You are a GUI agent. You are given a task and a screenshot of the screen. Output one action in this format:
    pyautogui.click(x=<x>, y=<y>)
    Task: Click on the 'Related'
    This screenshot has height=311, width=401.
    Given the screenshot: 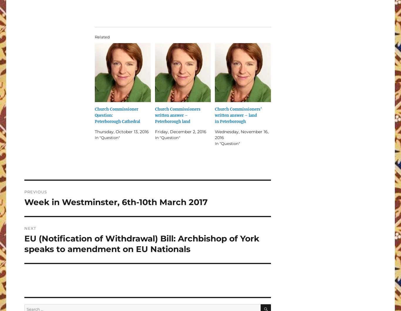 What is the action you would take?
    pyautogui.click(x=102, y=37)
    